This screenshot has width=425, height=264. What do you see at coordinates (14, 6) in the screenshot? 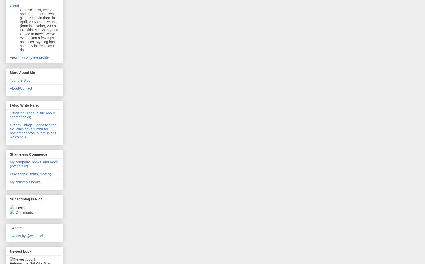
I see `'Cloud'` at bounding box center [14, 6].